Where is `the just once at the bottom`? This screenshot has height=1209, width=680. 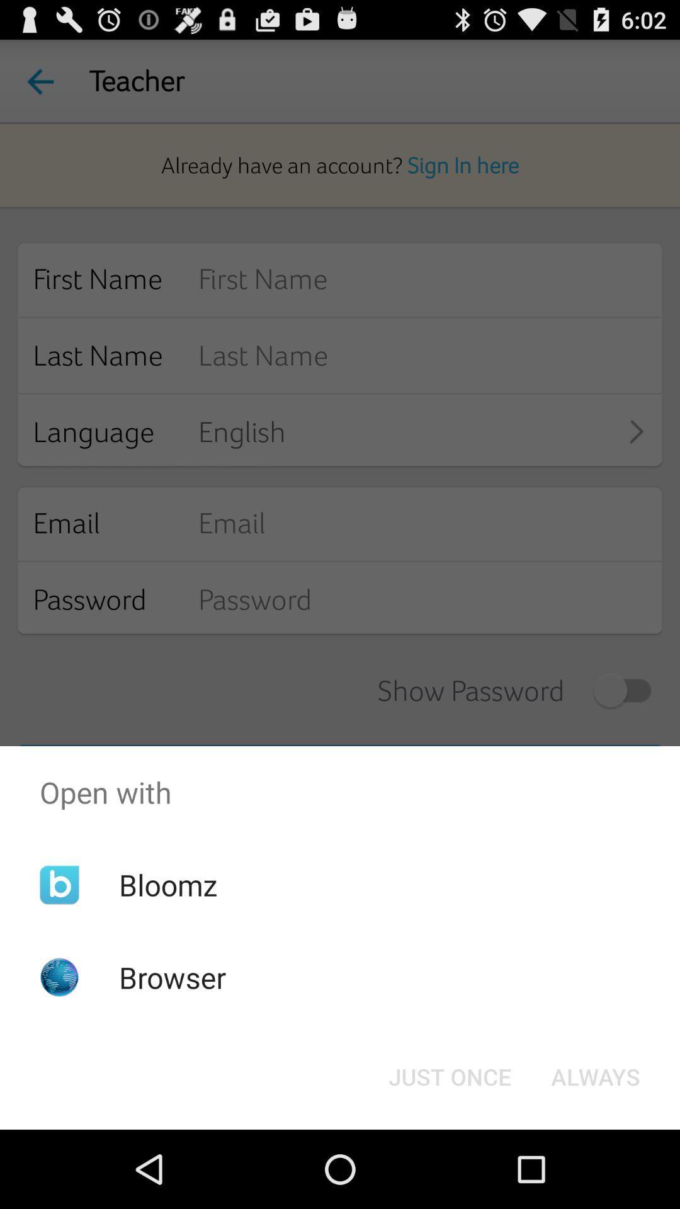
the just once at the bottom is located at coordinates (449, 1076).